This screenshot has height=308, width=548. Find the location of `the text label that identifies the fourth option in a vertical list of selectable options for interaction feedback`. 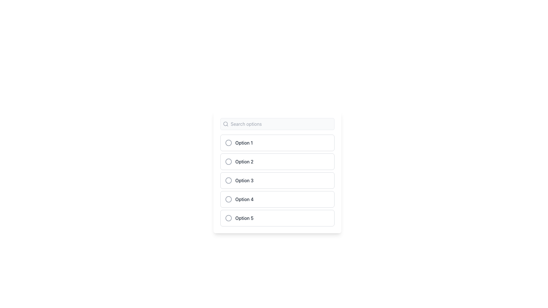

the text label that identifies the fourth option in a vertical list of selectable options for interaction feedback is located at coordinates (244, 199).